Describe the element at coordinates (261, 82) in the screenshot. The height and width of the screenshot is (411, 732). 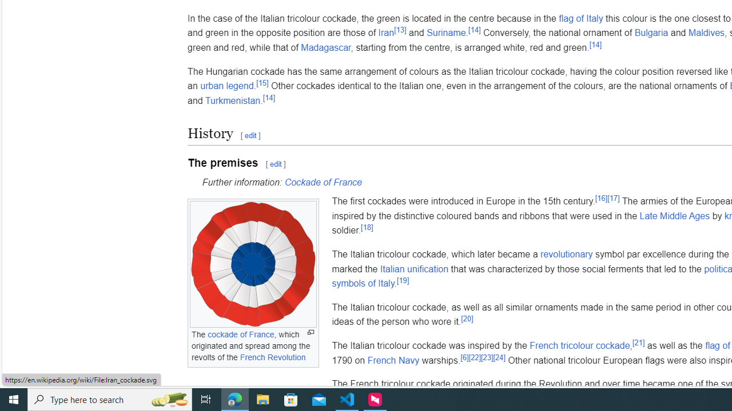
I see `'[15]'` at that location.